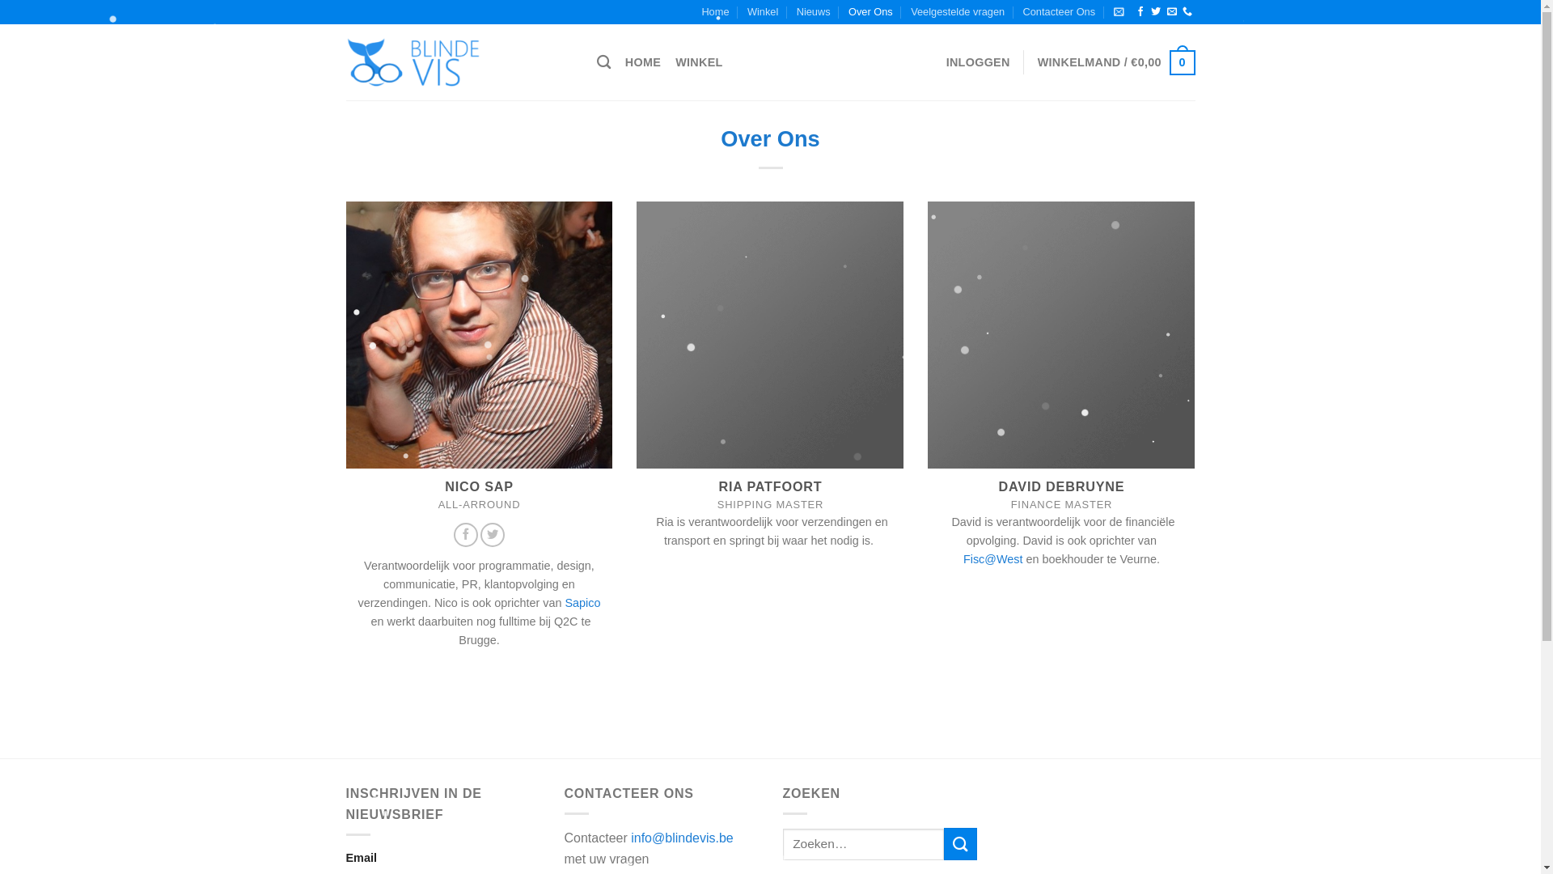 The image size is (1553, 874). Describe the element at coordinates (870, 12) in the screenshot. I see `'Over Ons'` at that location.